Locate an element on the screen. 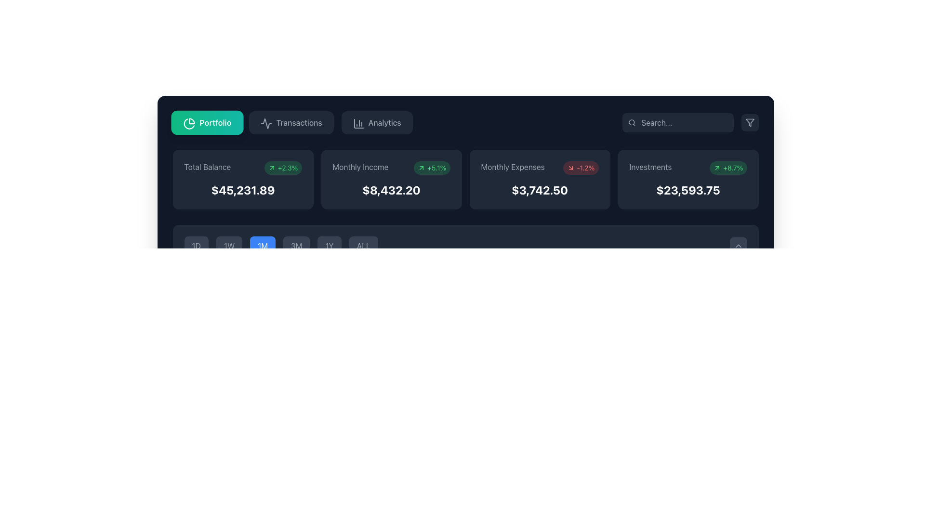 This screenshot has height=520, width=925. the 'Portfolio' text label located within the button at the top left of the interface is located at coordinates (214, 122).